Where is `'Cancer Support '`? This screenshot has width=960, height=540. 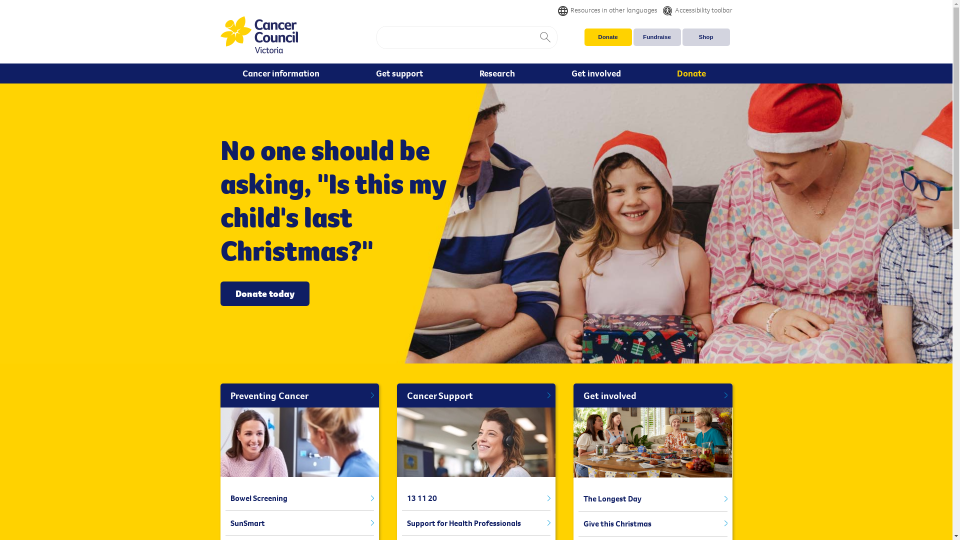 'Cancer Support ' is located at coordinates (475, 395).